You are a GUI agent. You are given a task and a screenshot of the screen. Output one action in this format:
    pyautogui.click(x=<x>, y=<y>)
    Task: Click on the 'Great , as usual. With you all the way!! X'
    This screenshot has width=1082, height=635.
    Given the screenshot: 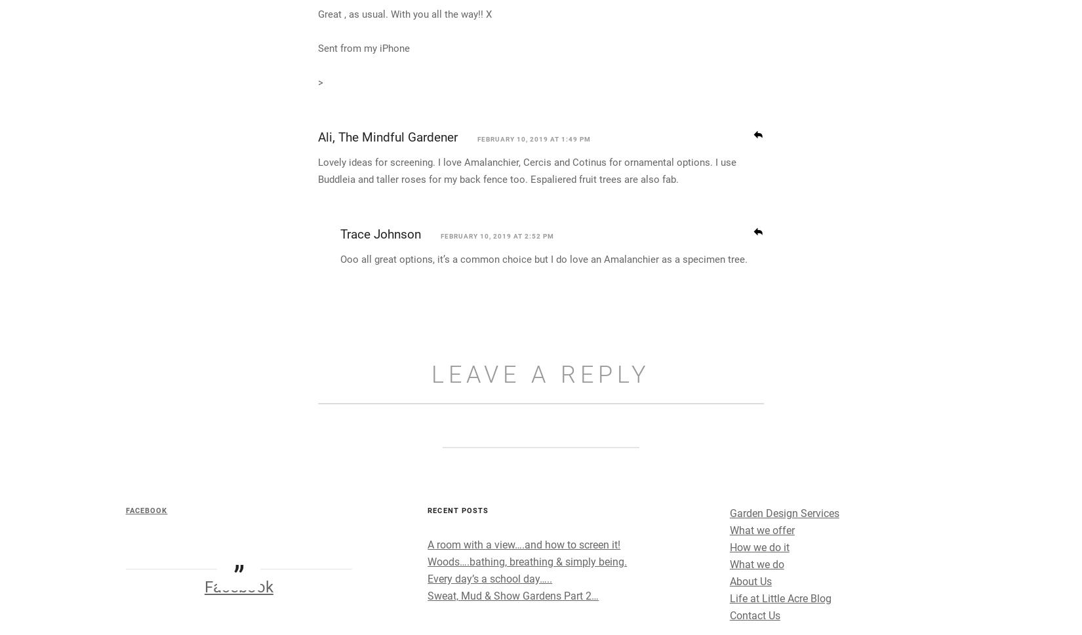 What is the action you would take?
    pyautogui.click(x=317, y=132)
    